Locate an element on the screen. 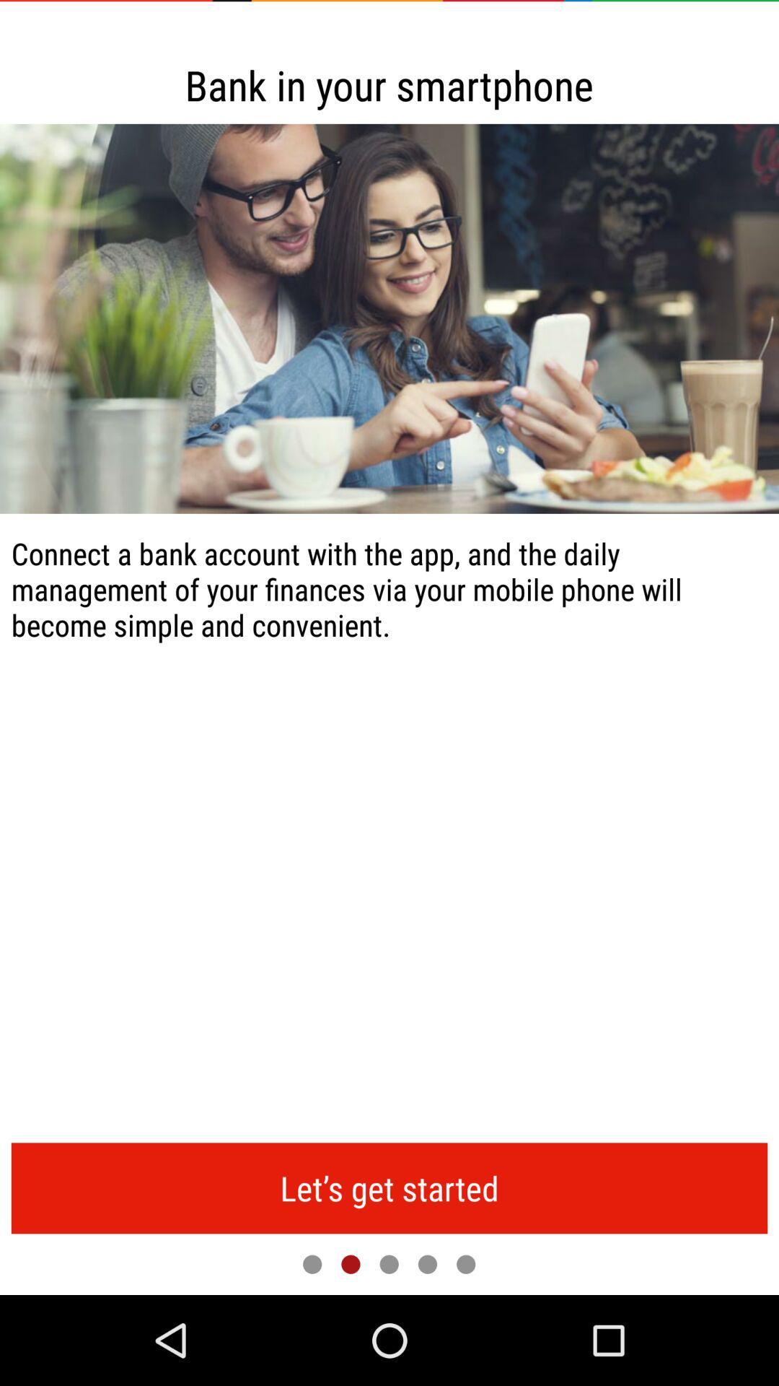  next page is located at coordinates (466, 1263).